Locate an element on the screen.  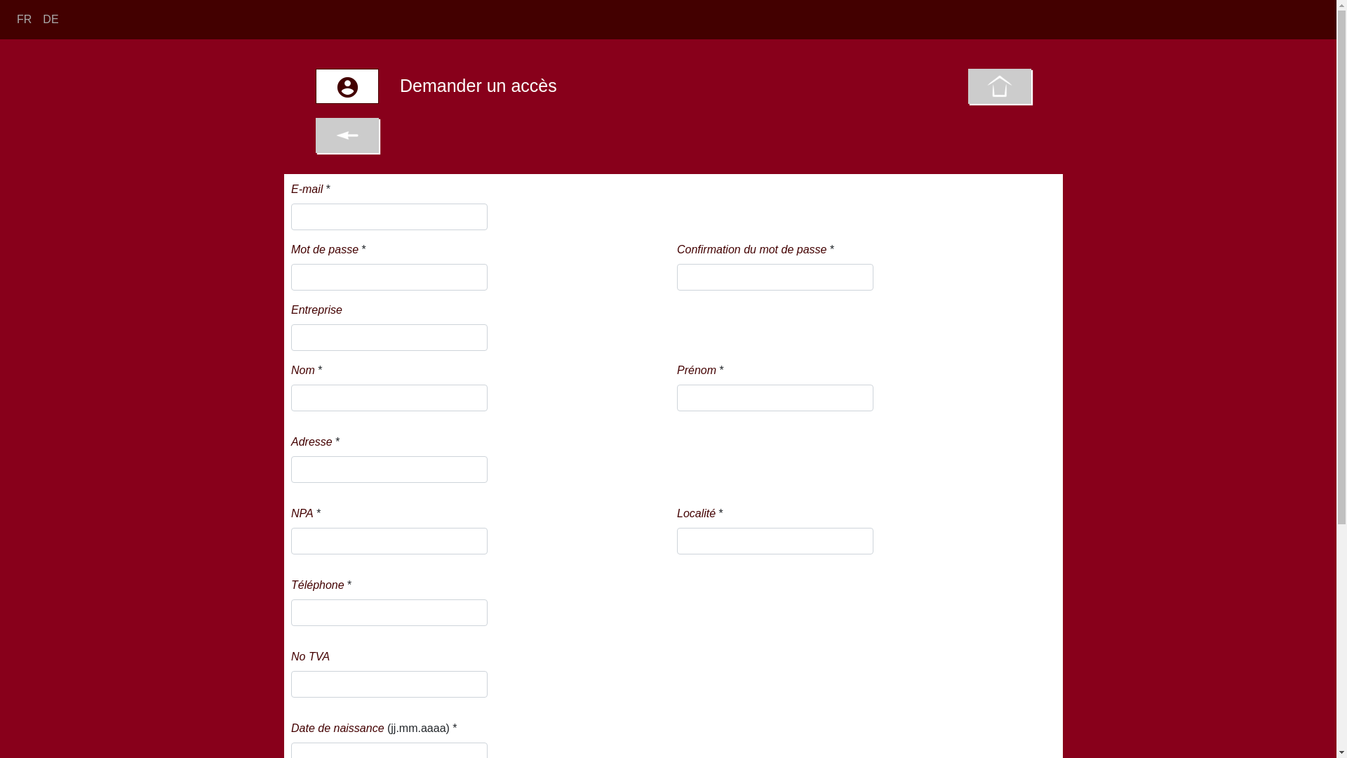
'DE' is located at coordinates (51, 19).